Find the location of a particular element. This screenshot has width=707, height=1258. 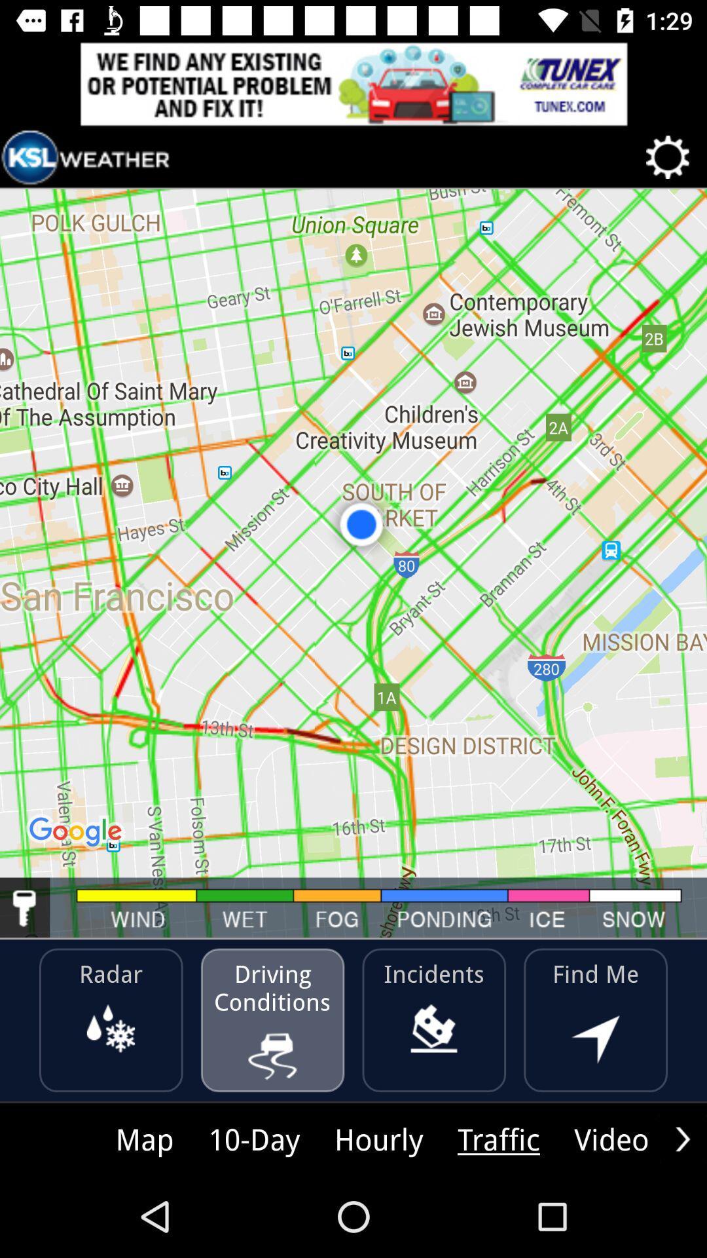

open advertisement is located at coordinates (353, 83).